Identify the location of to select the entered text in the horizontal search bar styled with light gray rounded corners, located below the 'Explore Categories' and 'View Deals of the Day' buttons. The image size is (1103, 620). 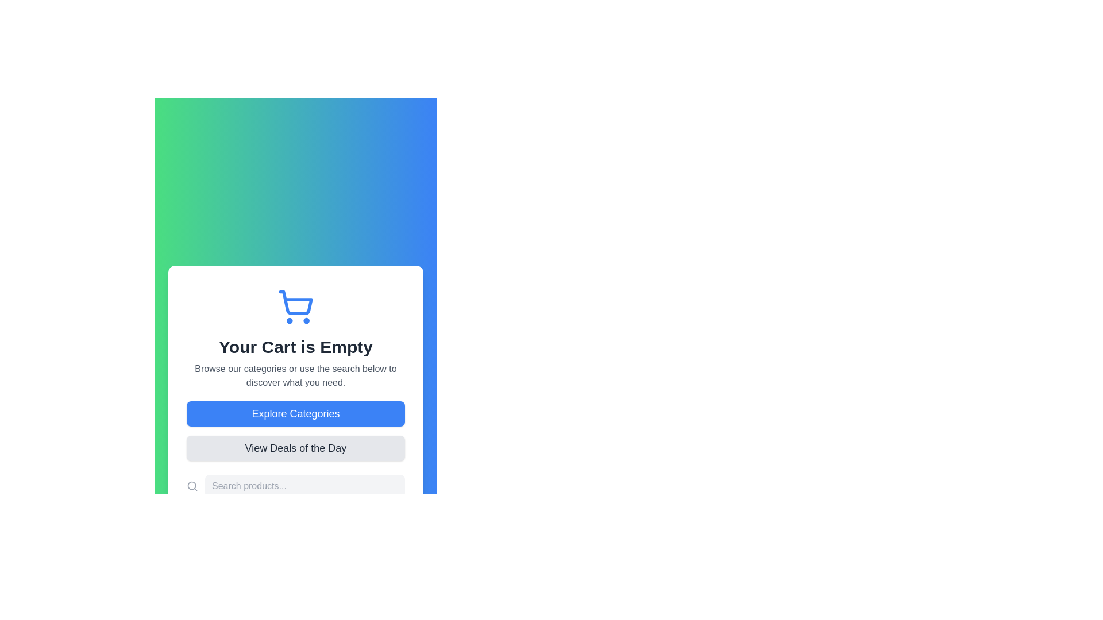
(295, 500).